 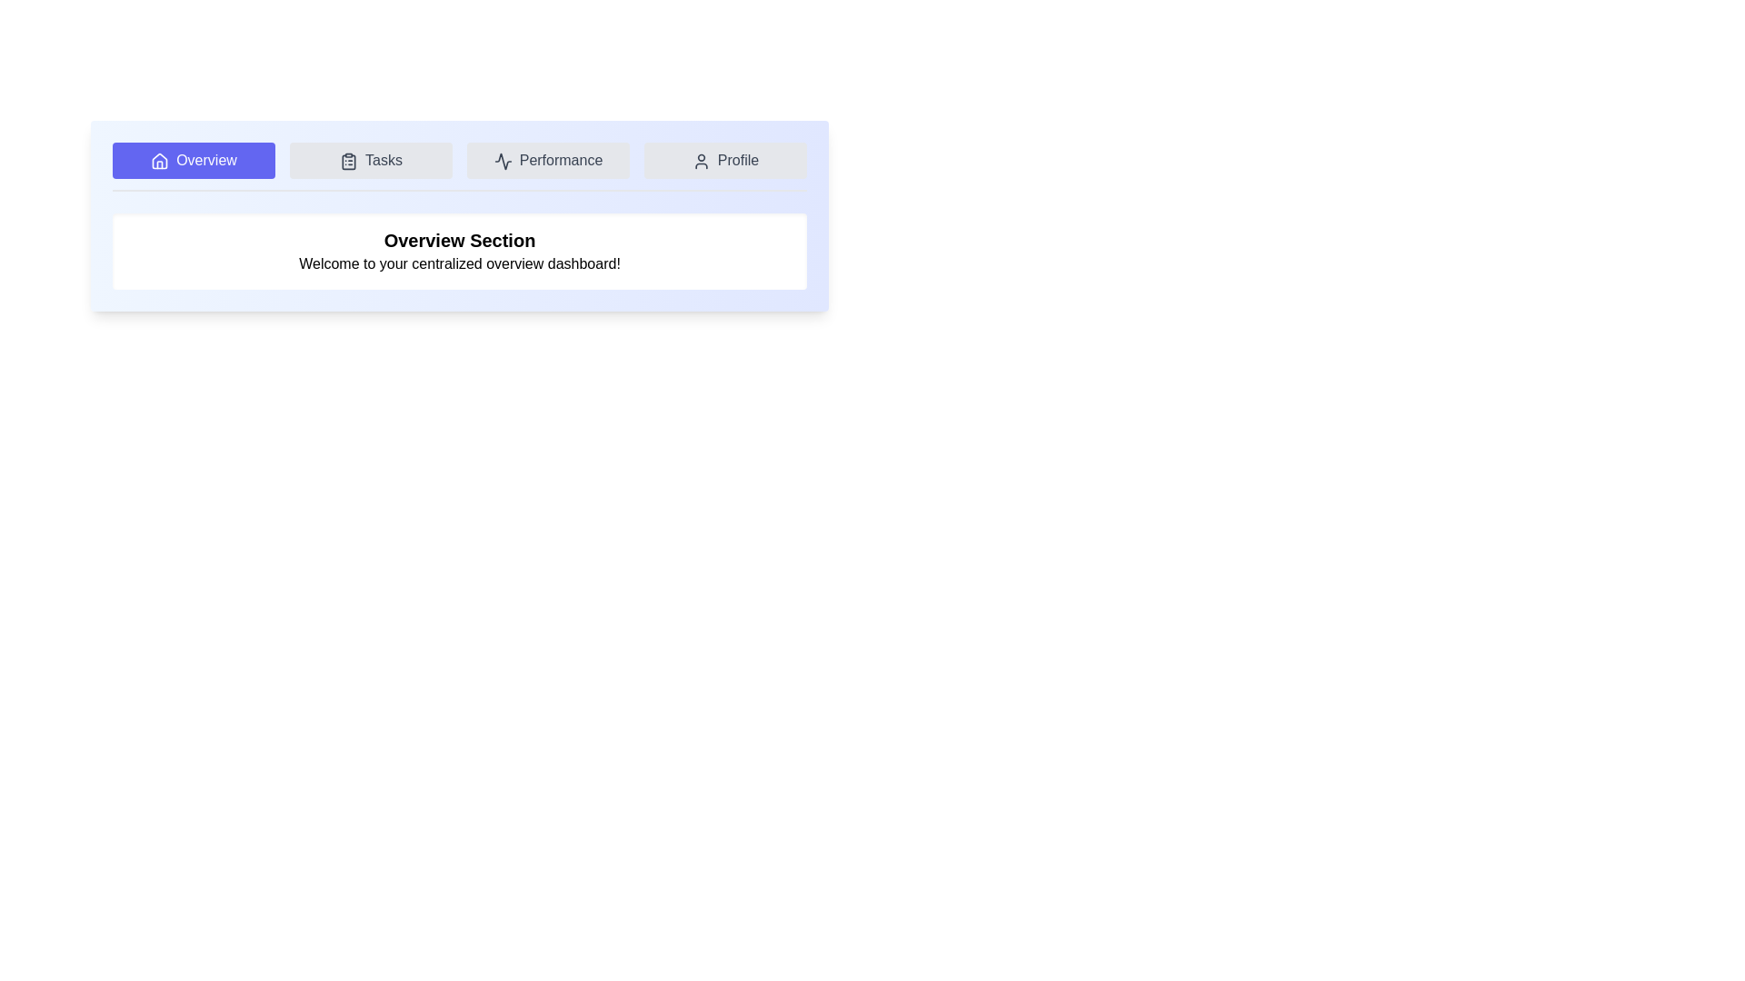 What do you see at coordinates (370, 160) in the screenshot?
I see `the 'Tasks' button, which is a rectangular button with rounded corners featuring a clipboard icon and dark gray text on a light gray background, located between the 'Overview' and 'Performance' buttons in the navigation tabs` at bounding box center [370, 160].